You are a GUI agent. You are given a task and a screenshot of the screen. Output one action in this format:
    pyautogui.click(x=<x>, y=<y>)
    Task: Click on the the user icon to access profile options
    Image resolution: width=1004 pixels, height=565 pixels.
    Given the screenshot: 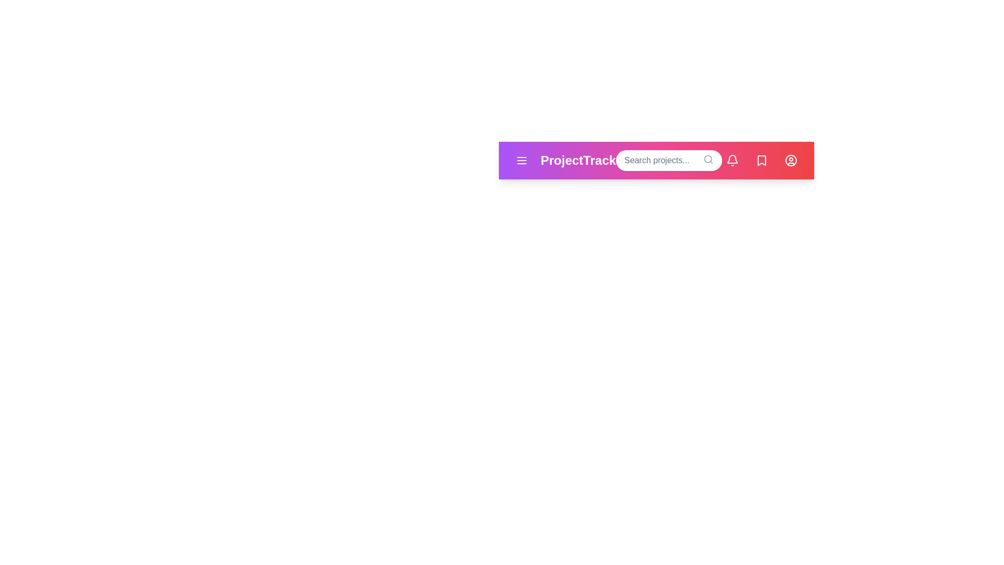 What is the action you would take?
    pyautogui.click(x=791, y=161)
    